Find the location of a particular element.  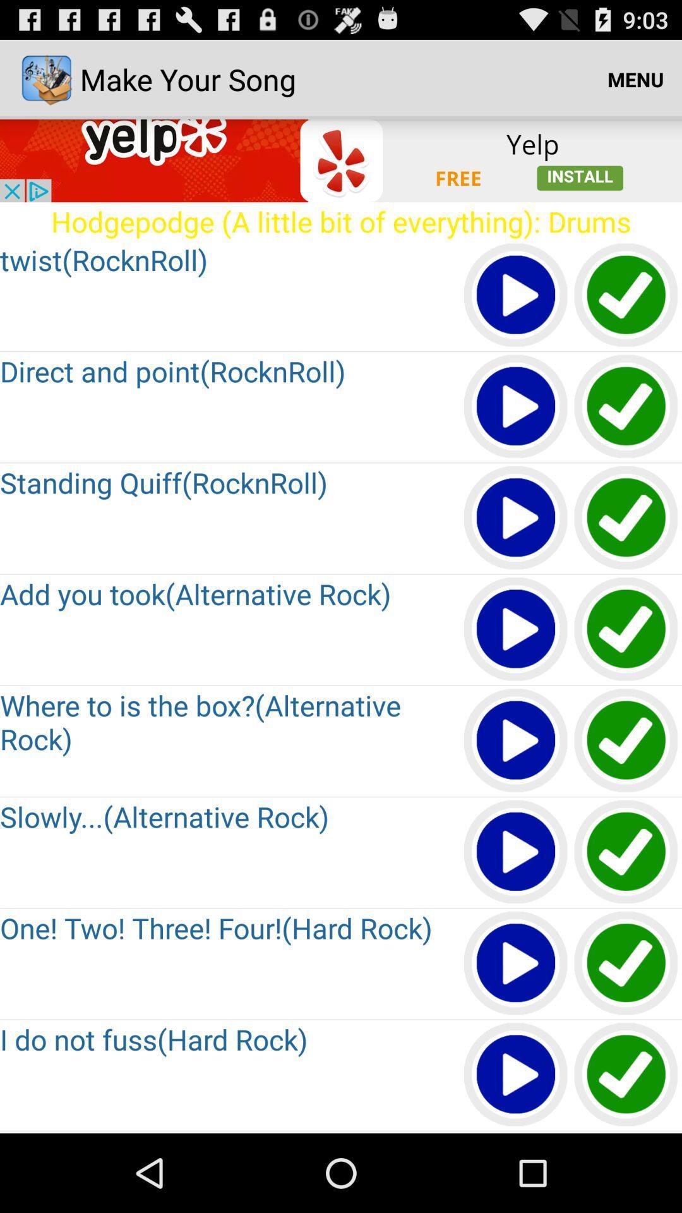

sound is located at coordinates (516, 1075).